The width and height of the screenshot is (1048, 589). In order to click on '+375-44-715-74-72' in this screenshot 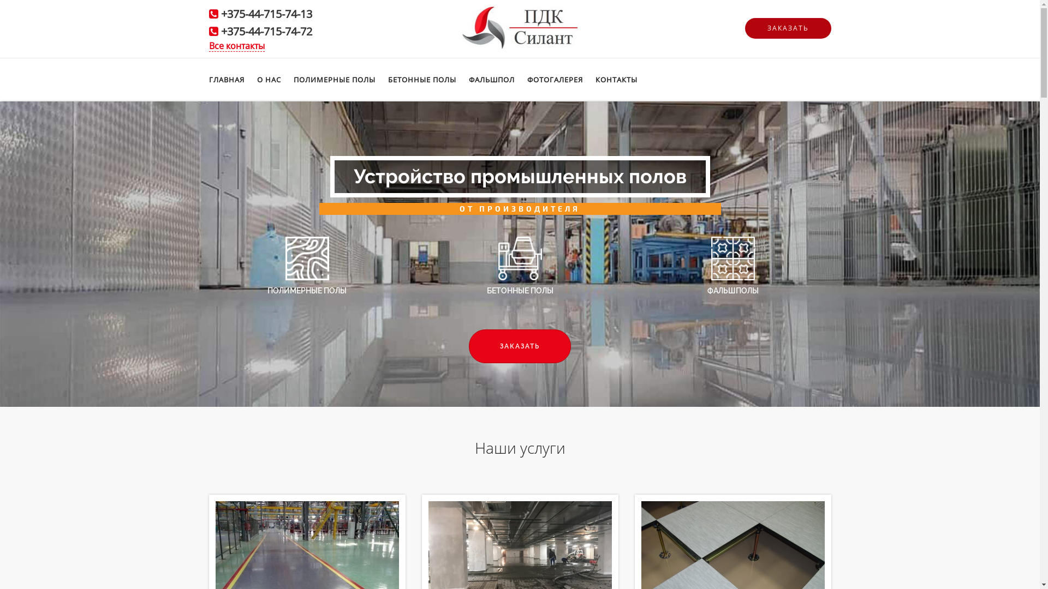, I will do `click(266, 31)`.